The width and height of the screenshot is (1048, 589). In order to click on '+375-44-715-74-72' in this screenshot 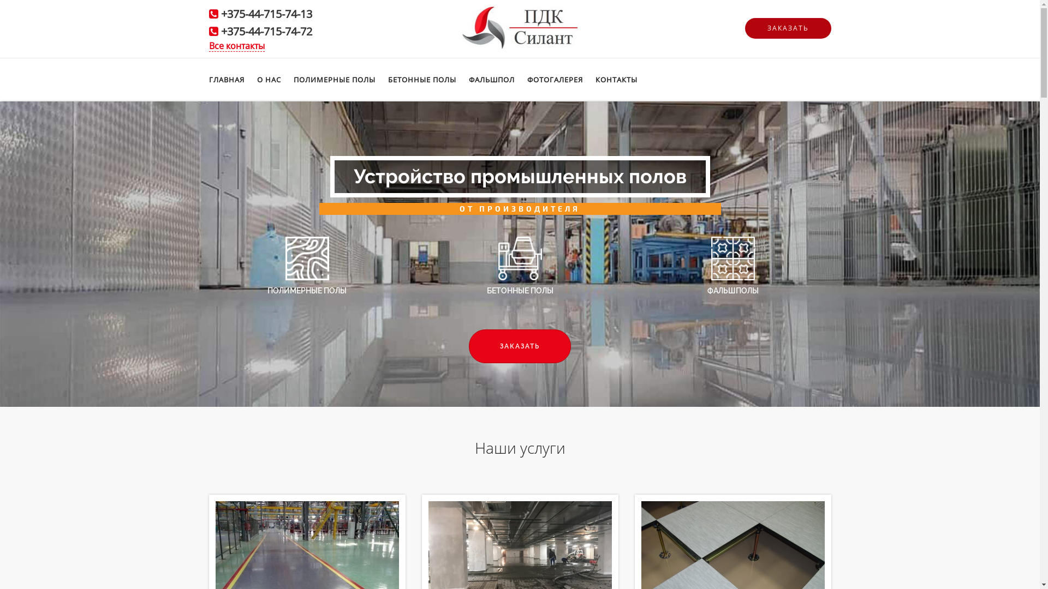, I will do `click(266, 31)`.